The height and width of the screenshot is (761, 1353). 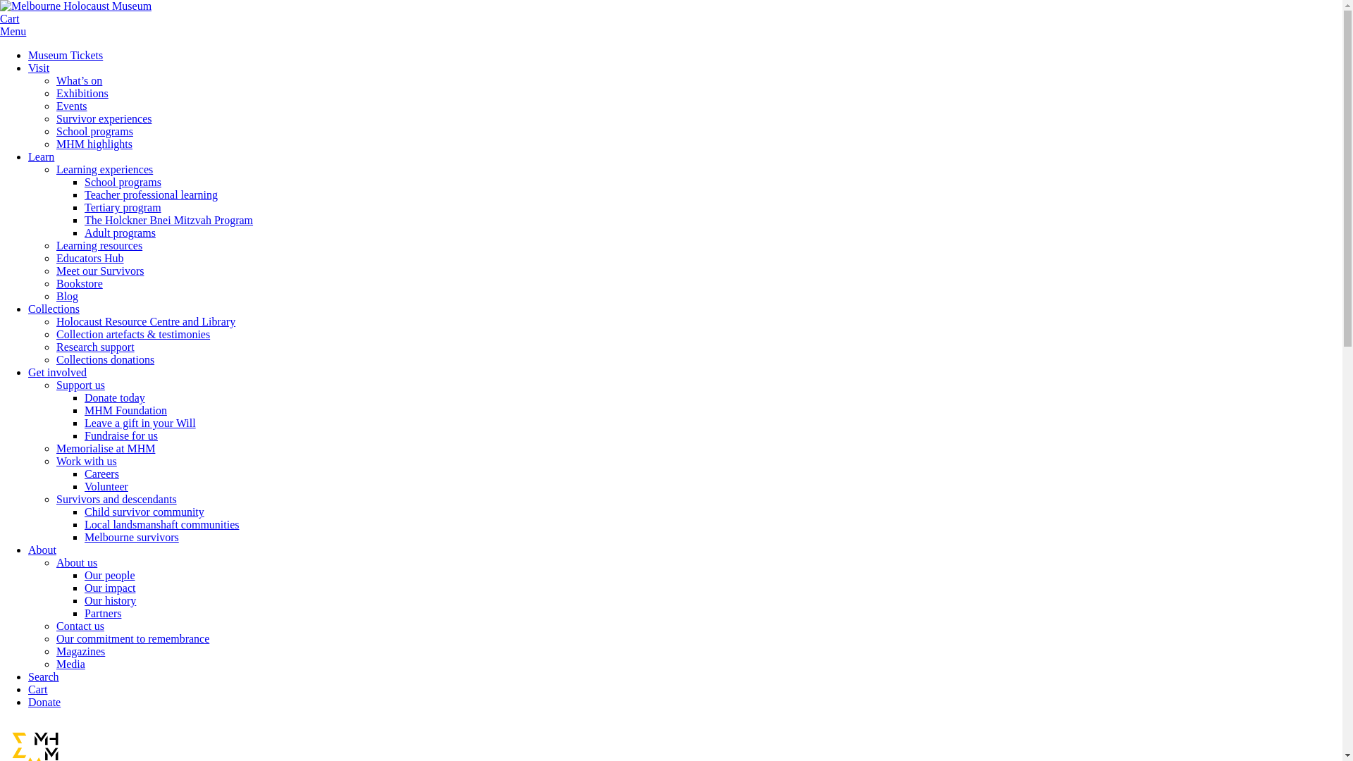 What do you see at coordinates (104, 168) in the screenshot?
I see `'Learning experiences'` at bounding box center [104, 168].